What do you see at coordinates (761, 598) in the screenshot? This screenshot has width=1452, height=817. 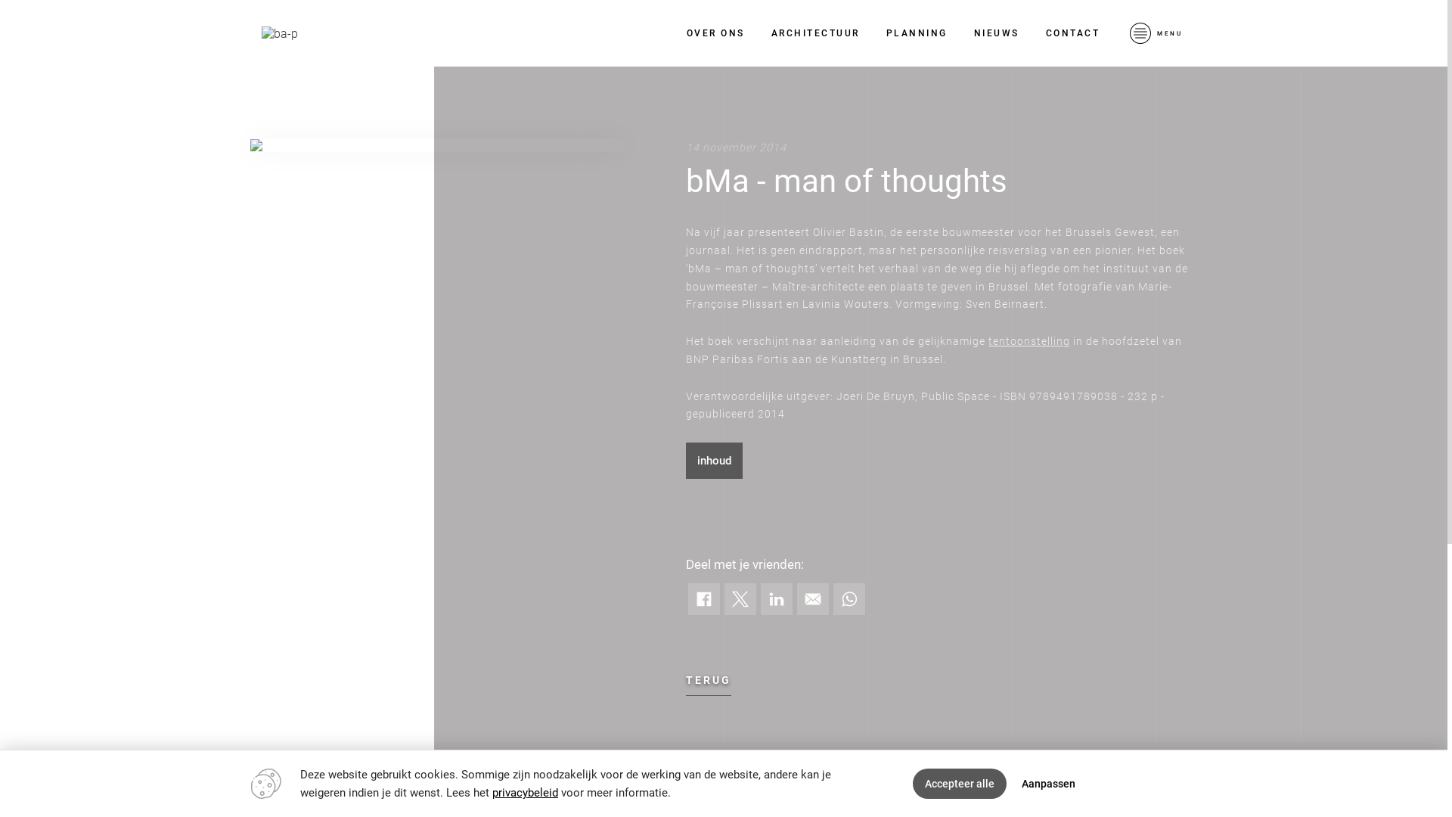 I see `'Share via linkedin'` at bounding box center [761, 598].